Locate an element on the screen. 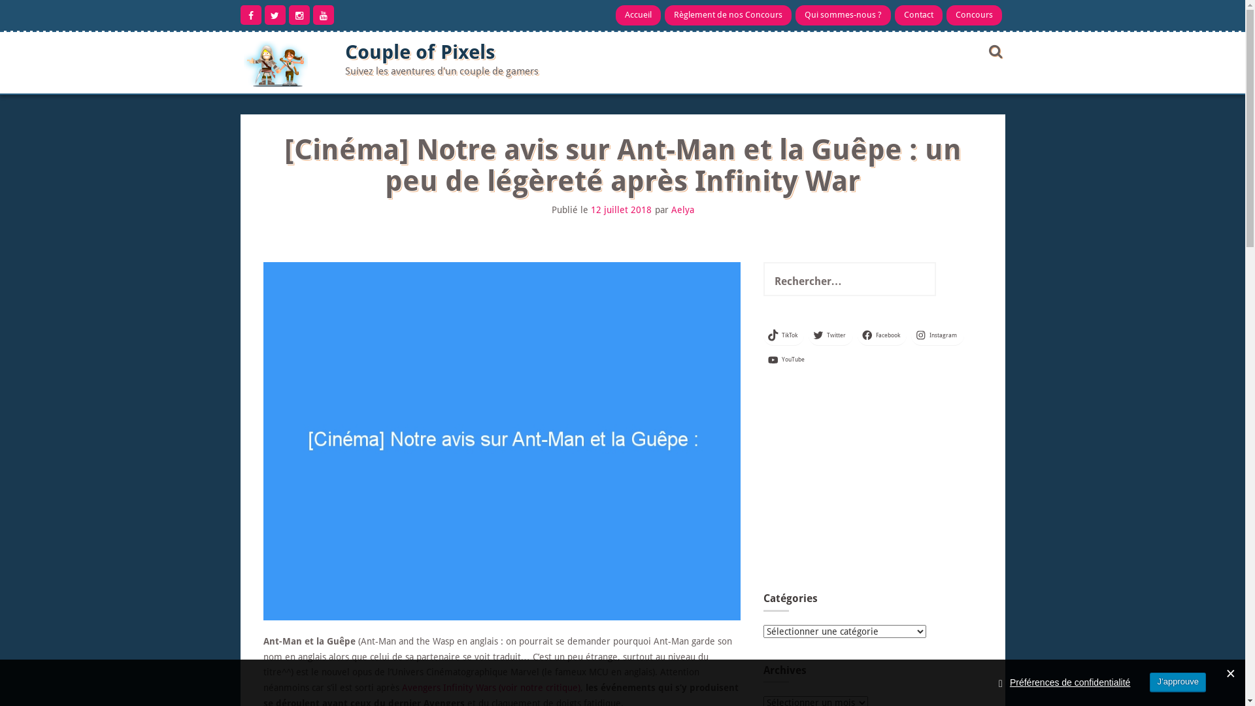  'Accueil' is located at coordinates (638, 15).